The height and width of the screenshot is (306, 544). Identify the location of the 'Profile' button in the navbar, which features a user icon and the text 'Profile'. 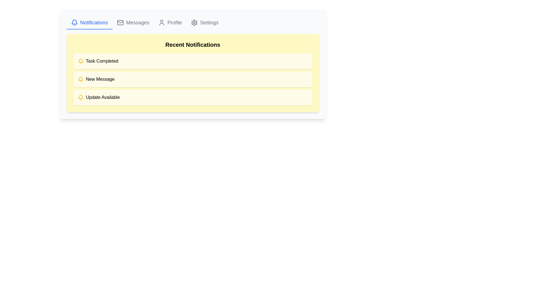
(170, 23).